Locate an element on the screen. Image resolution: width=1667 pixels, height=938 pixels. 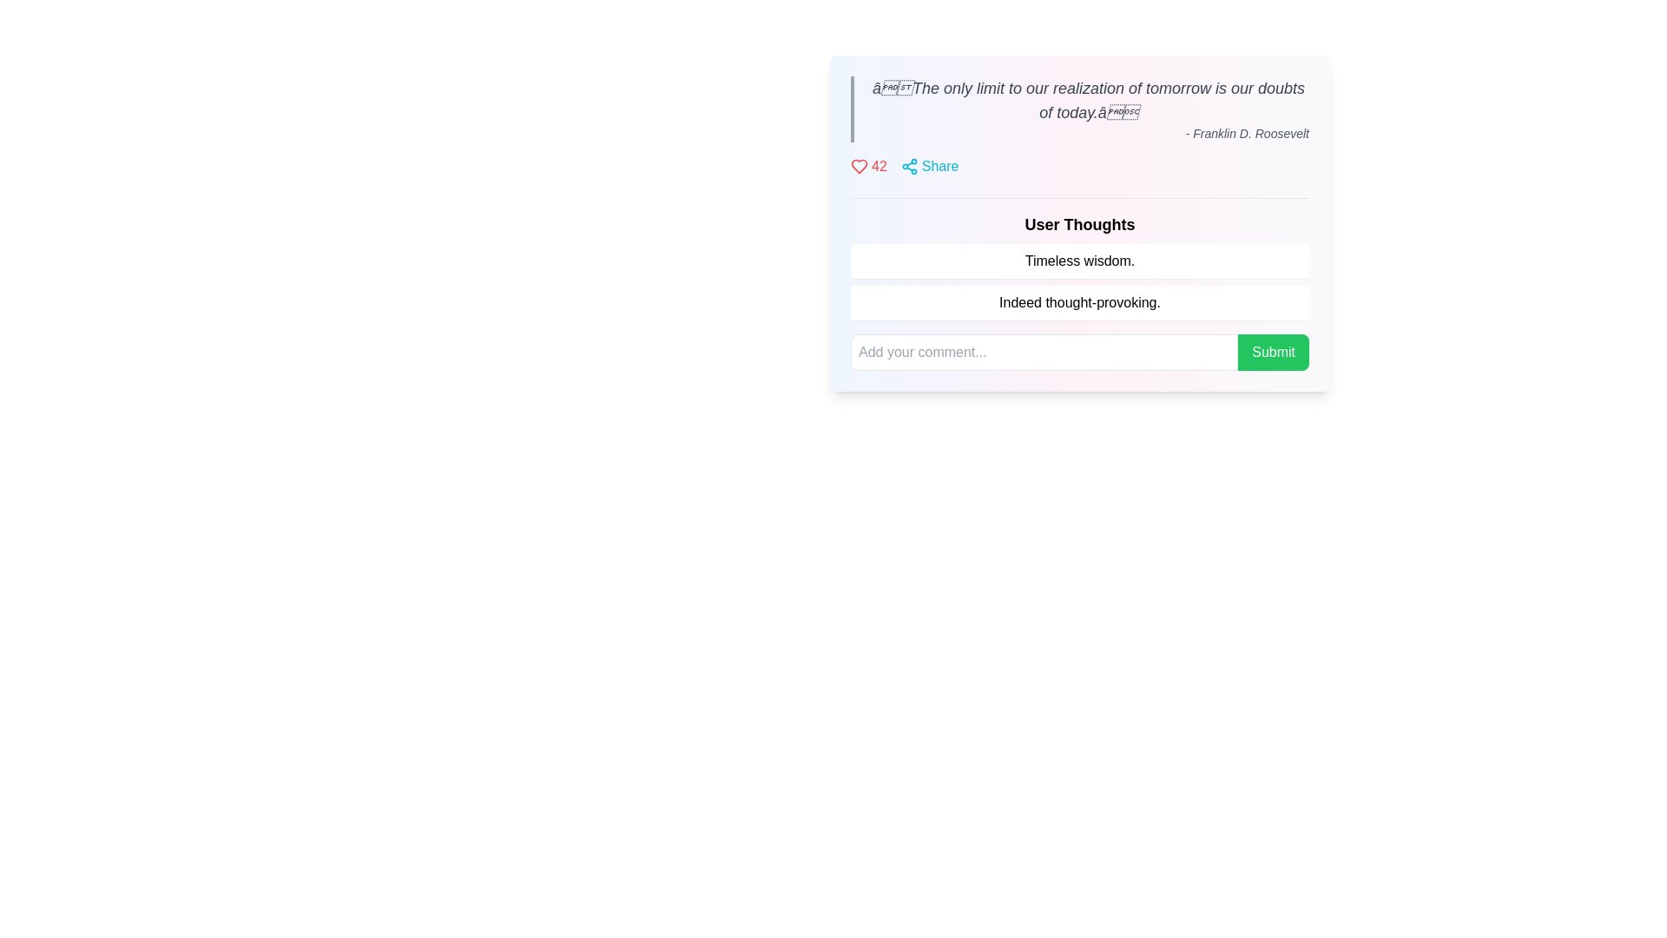
the Text Display element that conveys the content 'Indeed thought-provoking.', located under the heading 'User Thoughts.' is located at coordinates (1078, 301).